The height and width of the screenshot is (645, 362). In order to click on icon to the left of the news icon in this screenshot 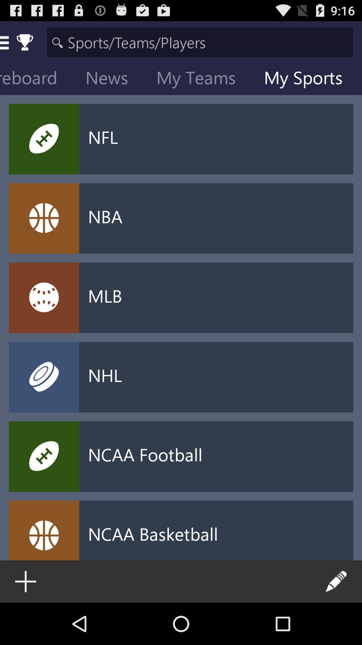, I will do `click(38, 79)`.